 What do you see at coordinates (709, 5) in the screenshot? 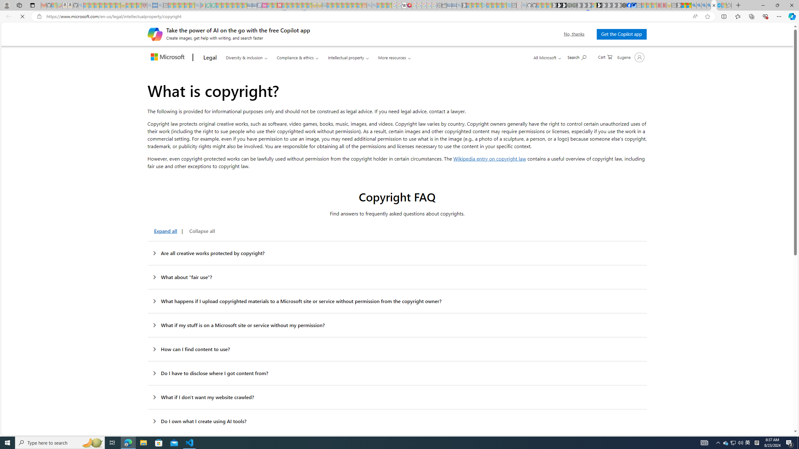
I see `'Google Chrome Internet Browser Download - Search Images'` at bounding box center [709, 5].